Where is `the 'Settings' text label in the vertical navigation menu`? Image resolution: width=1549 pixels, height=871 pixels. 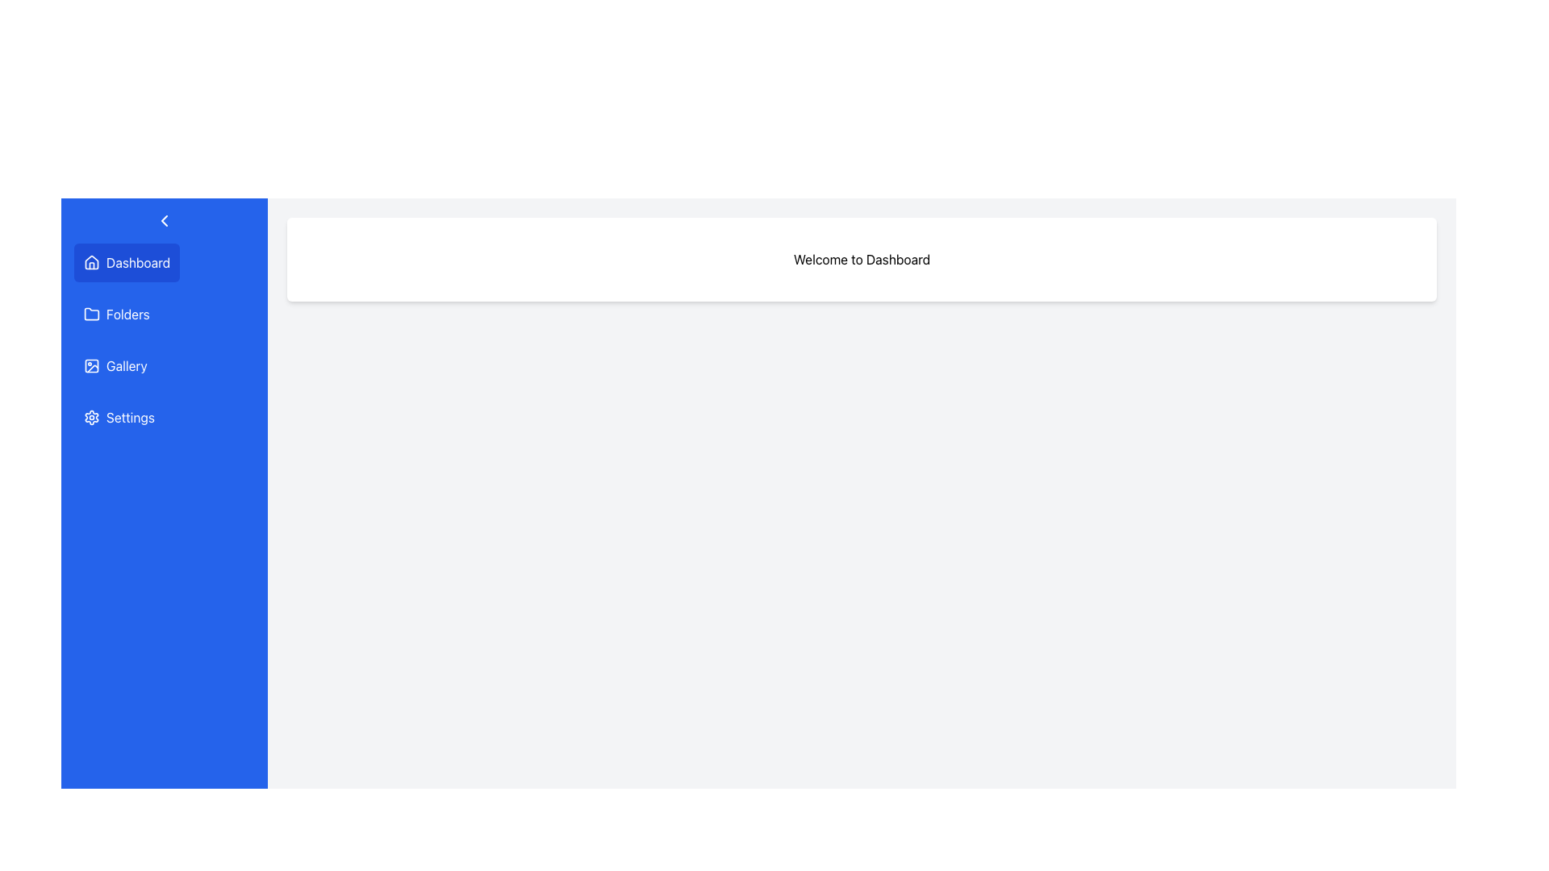
the 'Settings' text label in the vertical navigation menu is located at coordinates (130, 416).